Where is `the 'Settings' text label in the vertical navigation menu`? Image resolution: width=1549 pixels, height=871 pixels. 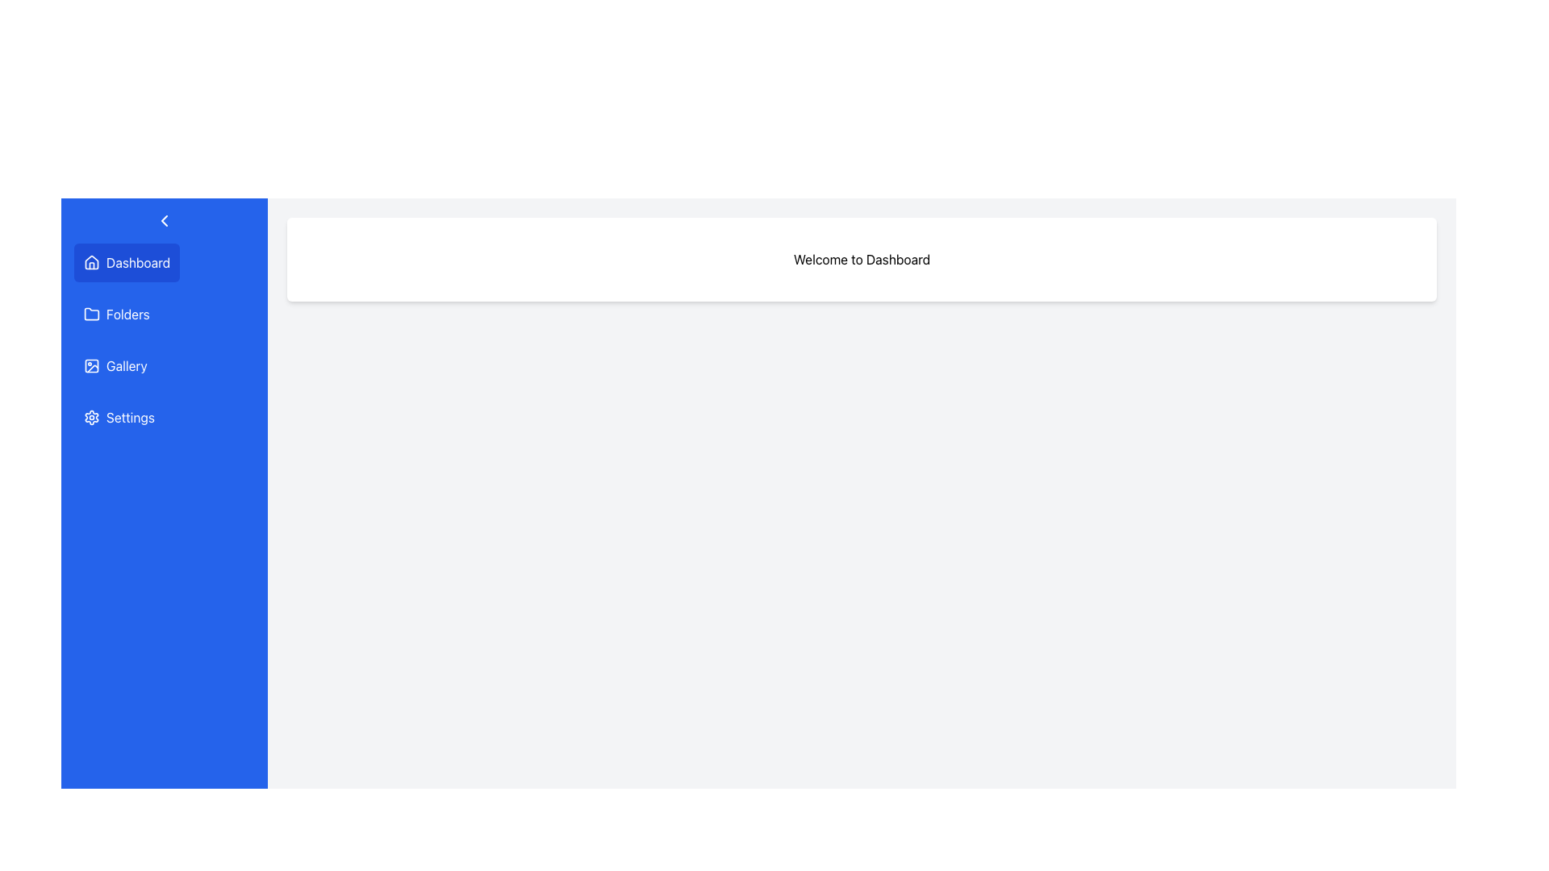
the 'Settings' text label in the vertical navigation menu is located at coordinates (130, 416).